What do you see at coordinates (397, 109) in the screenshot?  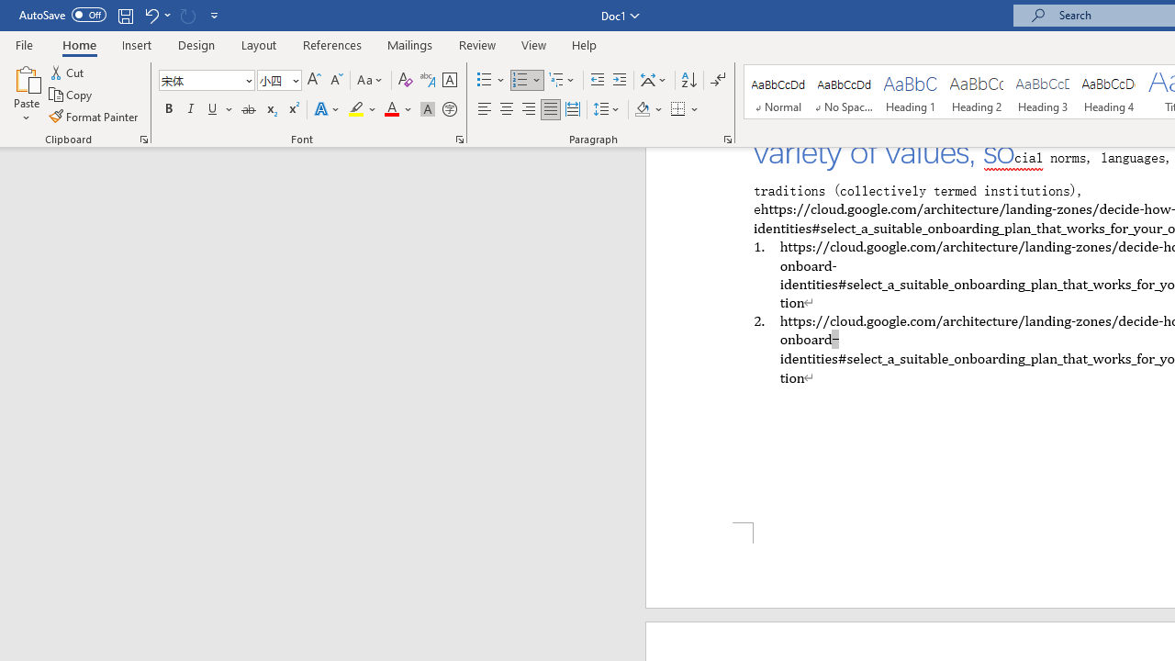 I see `'Font Color'` at bounding box center [397, 109].